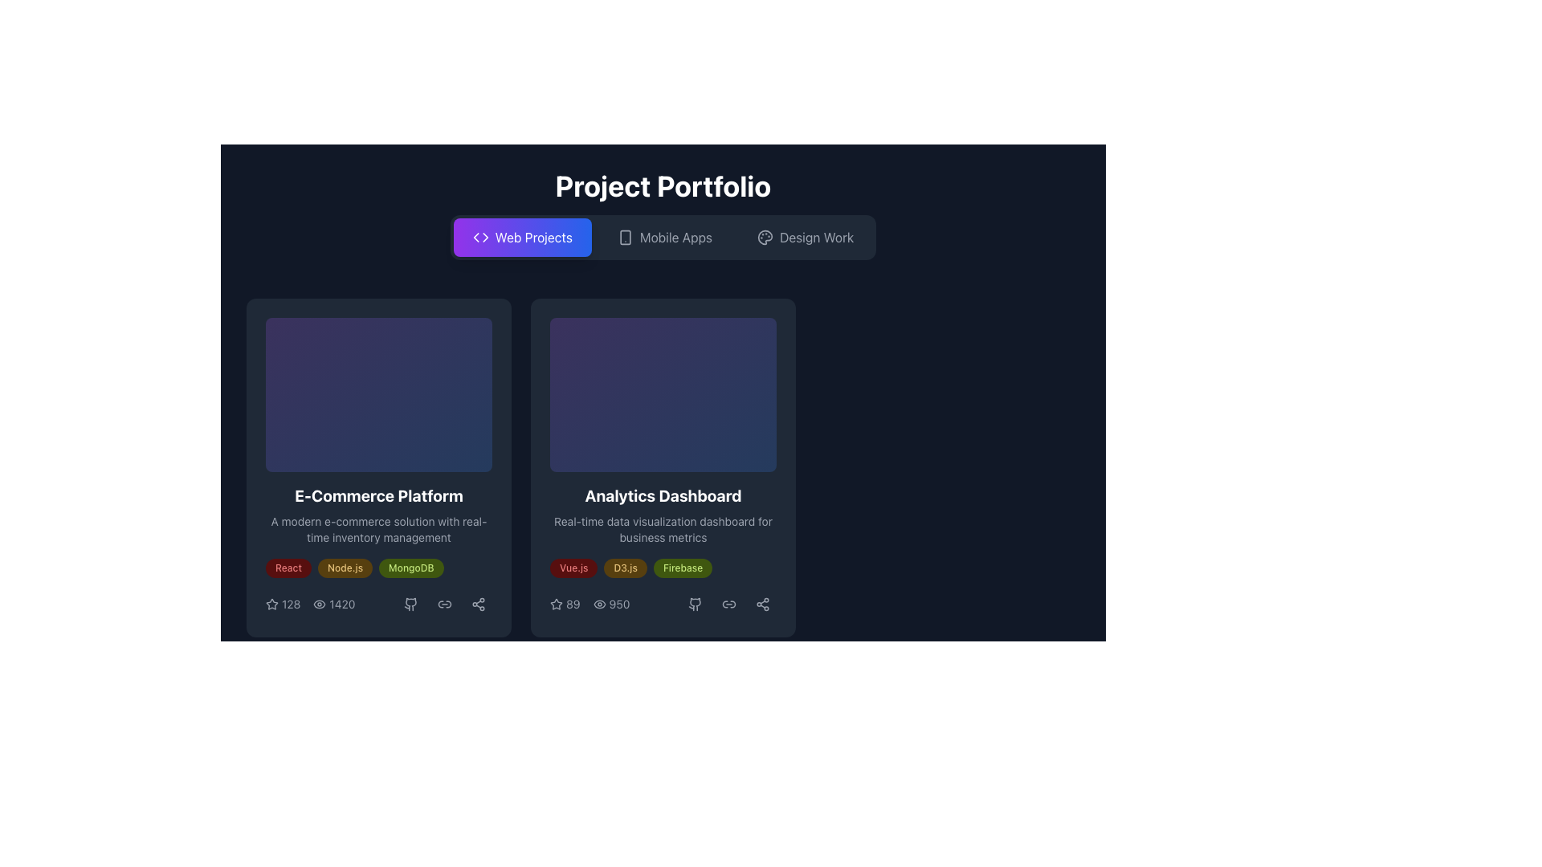 The image size is (1542, 867). Describe the element at coordinates (341, 604) in the screenshot. I see `the numeric text label displaying '1420' in light gray color, located below the image thumbnail and centered within the content card for the 'E-Commerce Platform' project` at that location.